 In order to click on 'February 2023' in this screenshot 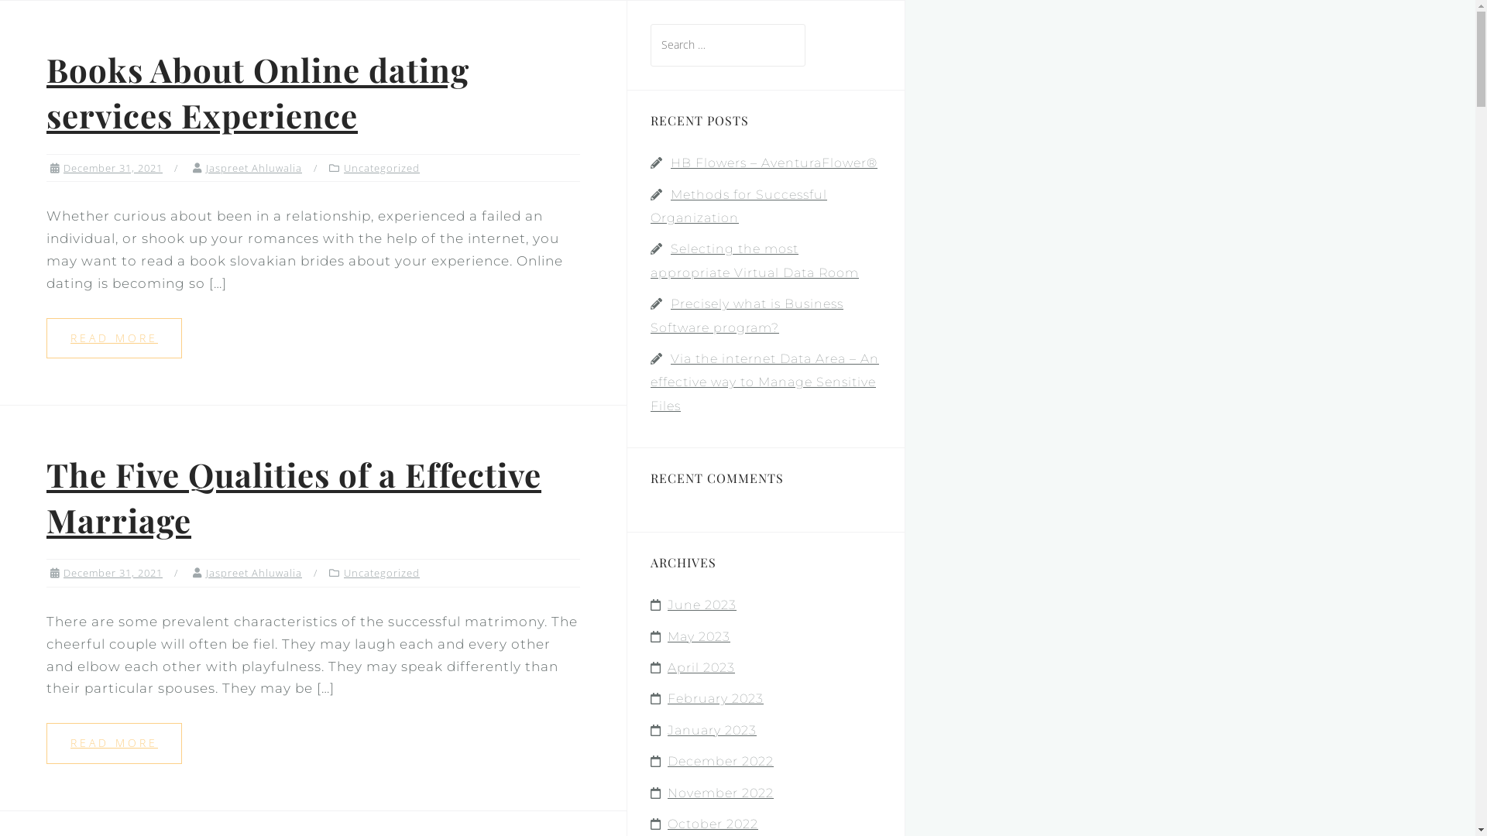, I will do `click(715, 698)`.